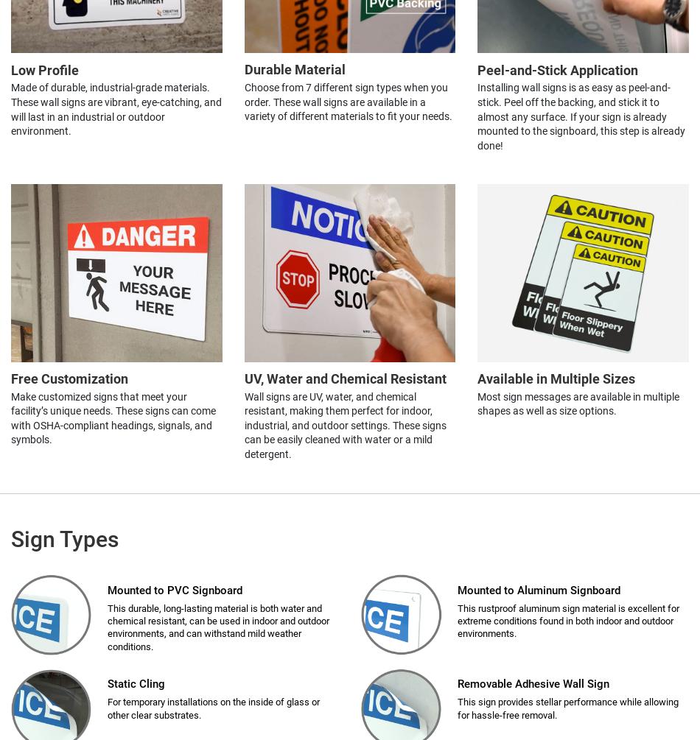 This screenshot has height=740, width=700. Describe the element at coordinates (217, 626) in the screenshot. I see `'This durable, long-lasting material is both water and chemical resistant, can be used in indoor and outdoor environments, and can withstand mild weather conditions.'` at that location.